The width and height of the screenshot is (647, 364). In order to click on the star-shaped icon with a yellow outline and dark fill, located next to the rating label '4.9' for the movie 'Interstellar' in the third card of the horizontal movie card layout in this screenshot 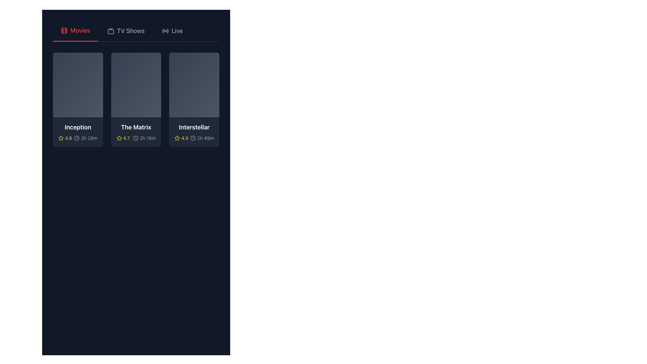, I will do `click(177, 138)`.